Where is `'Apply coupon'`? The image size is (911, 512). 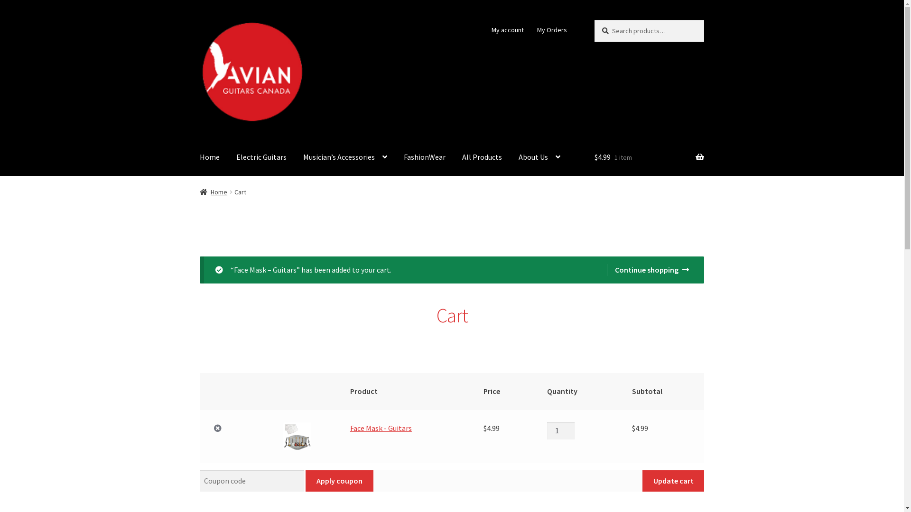
'Apply coupon' is located at coordinates (339, 481).